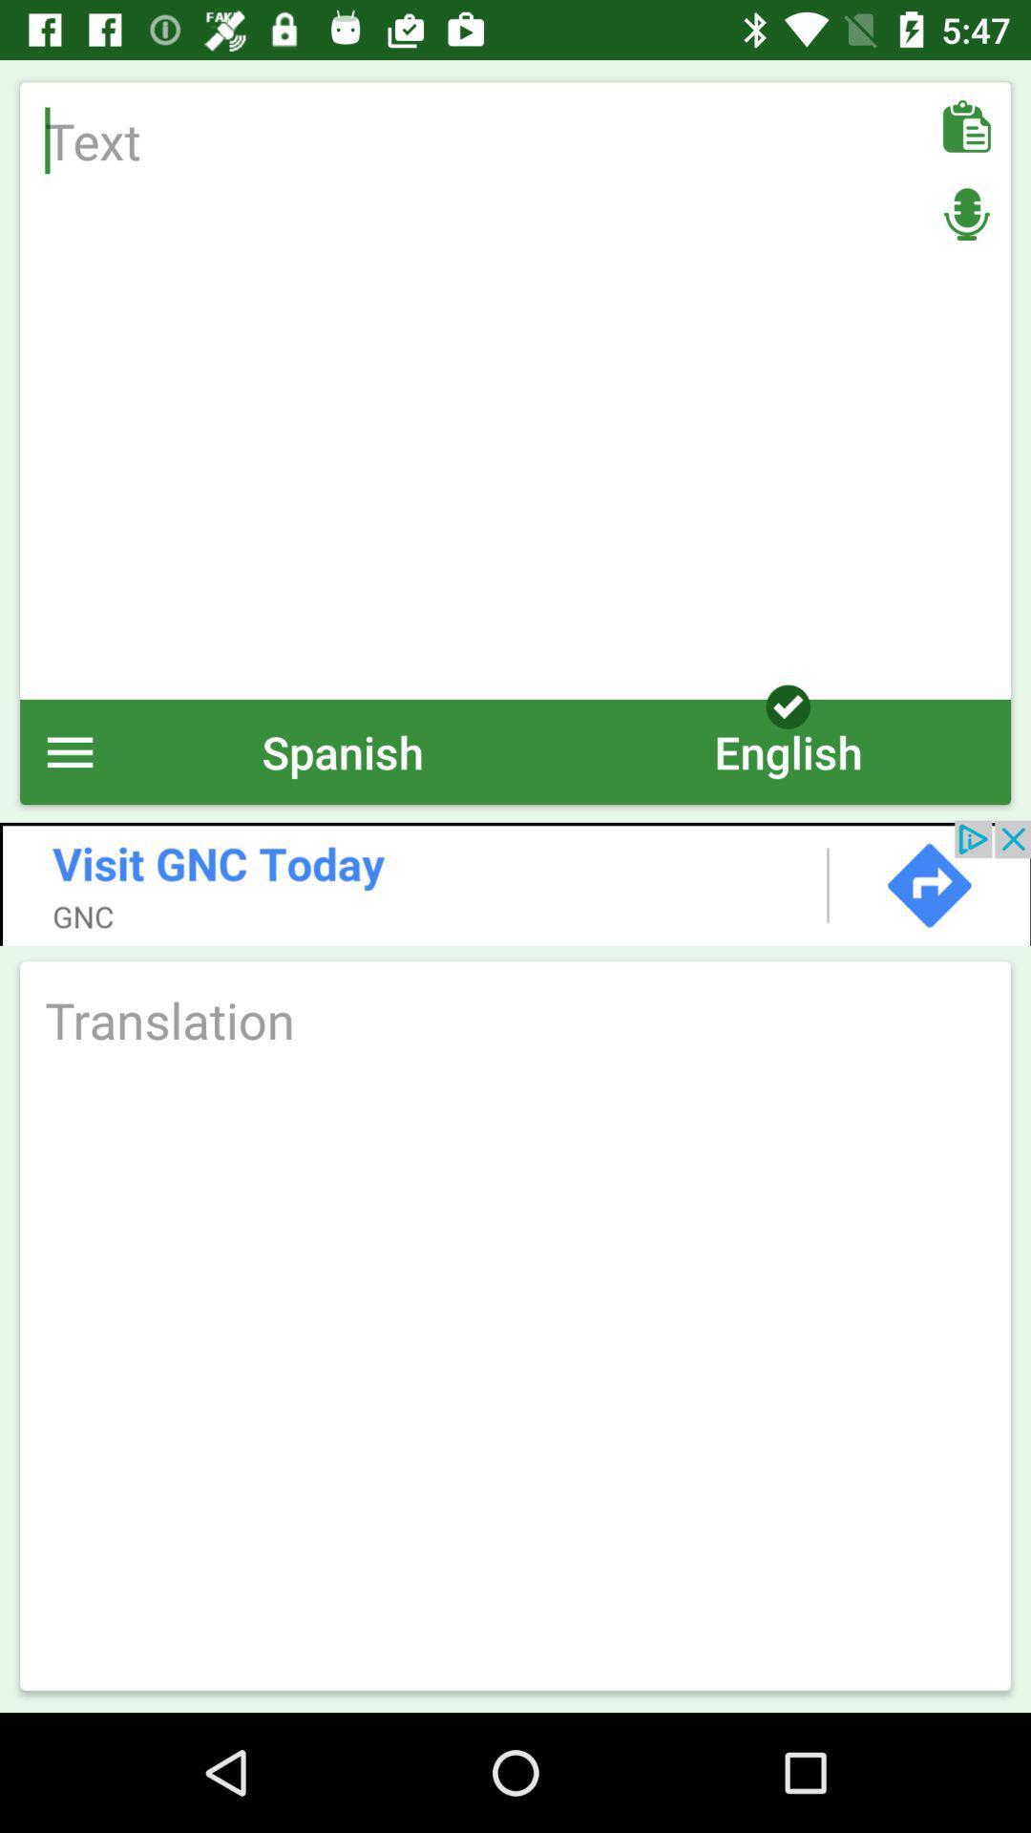 Image resolution: width=1031 pixels, height=1833 pixels. What do you see at coordinates (69, 750) in the screenshot?
I see `menu` at bounding box center [69, 750].